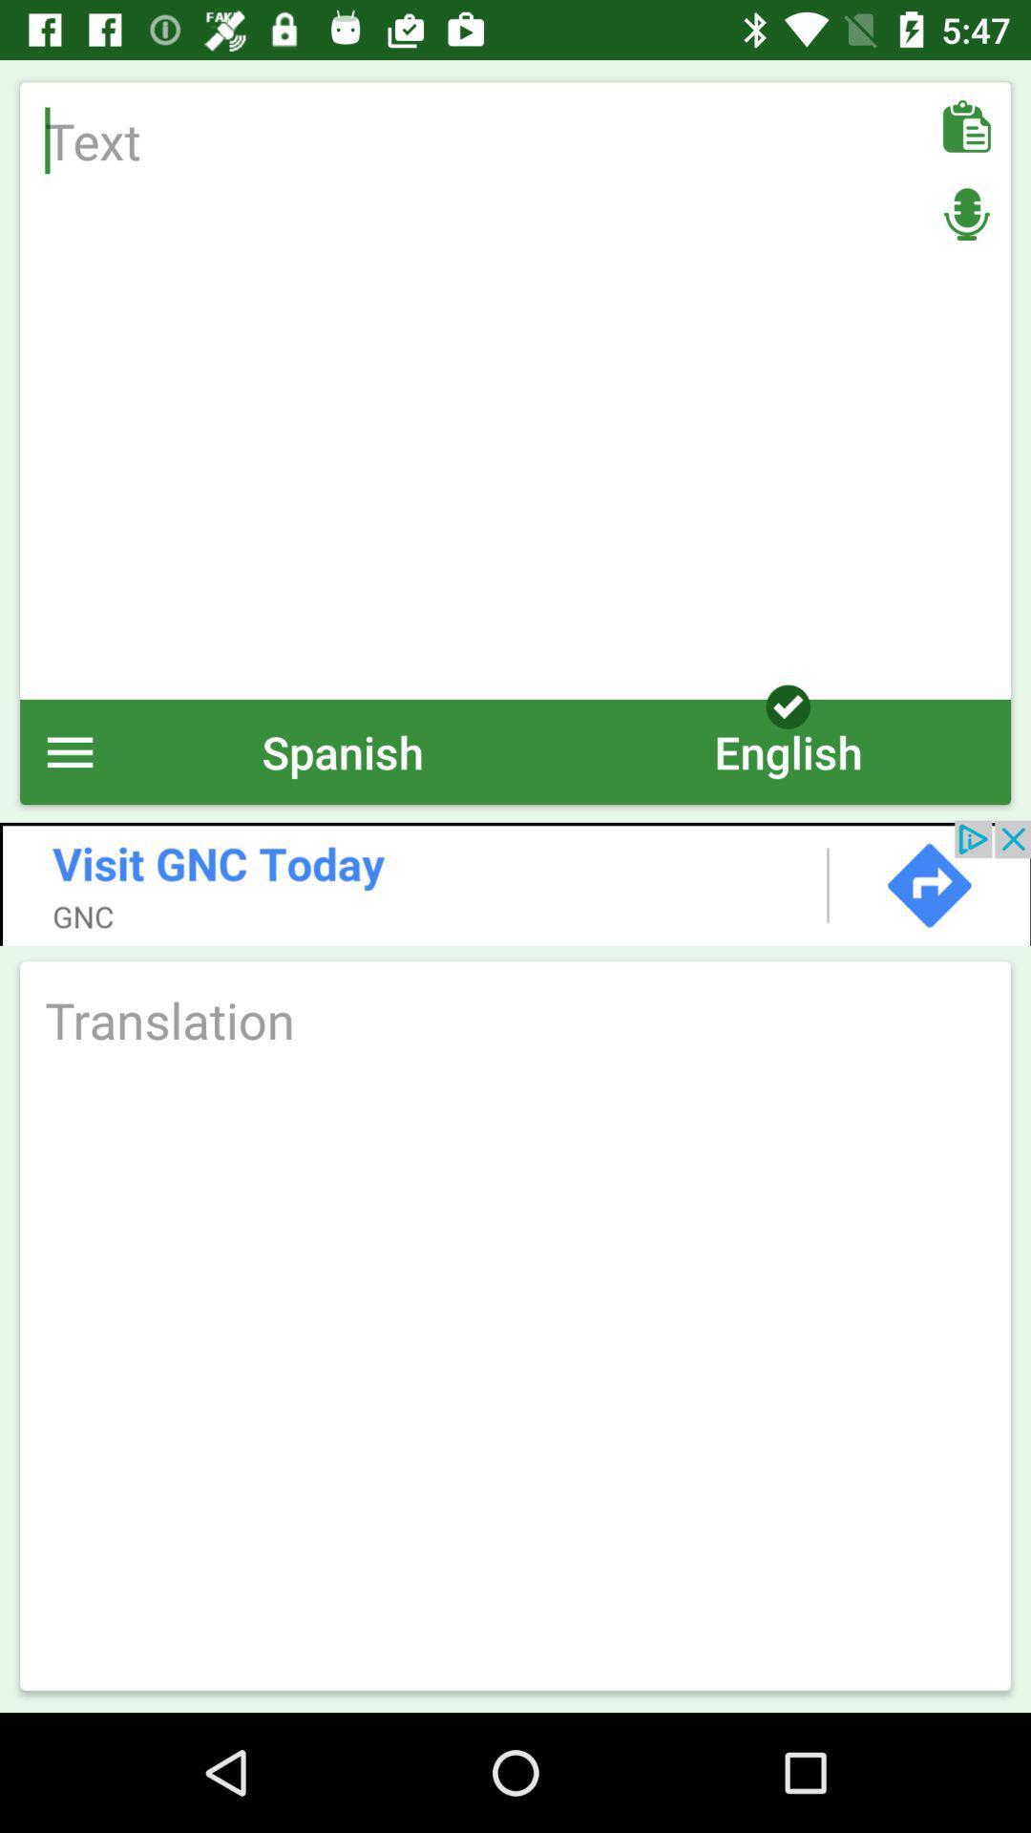 Image resolution: width=1031 pixels, height=1833 pixels. What do you see at coordinates (69, 750) in the screenshot?
I see `menu` at bounding box center [69, 750].